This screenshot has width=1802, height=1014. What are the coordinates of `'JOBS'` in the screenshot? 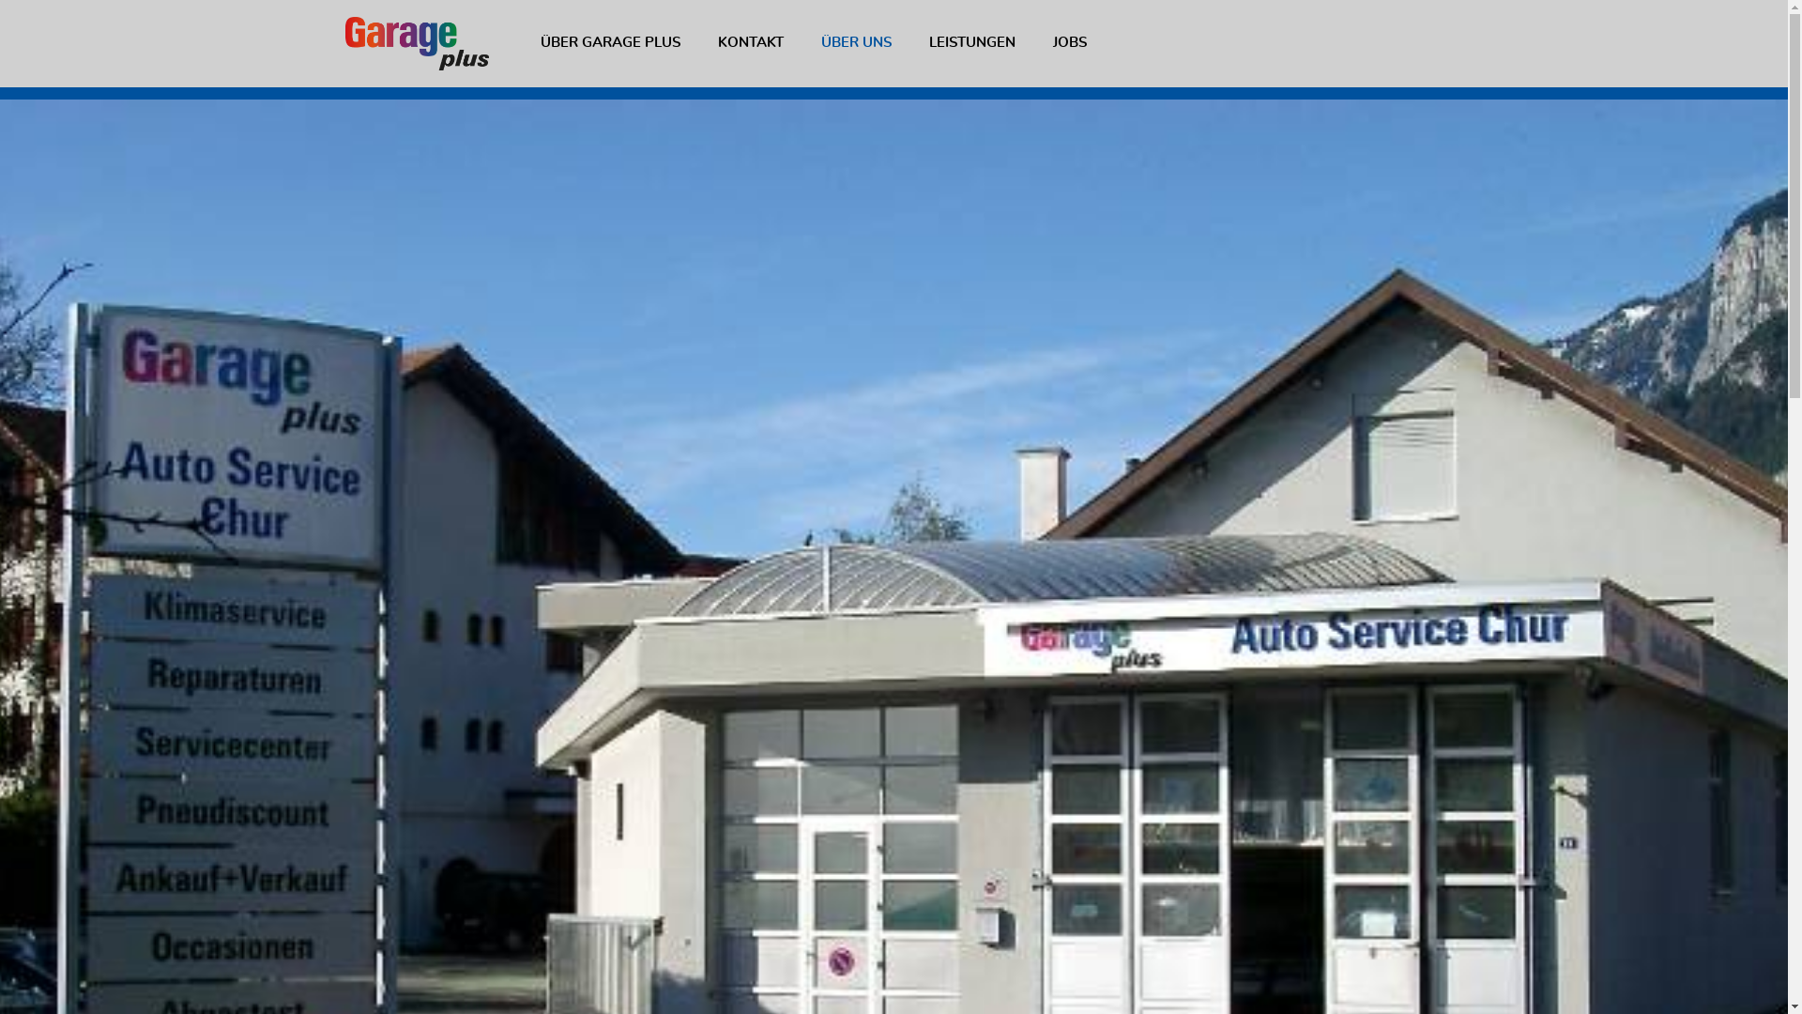 It's located at (1070, 42).